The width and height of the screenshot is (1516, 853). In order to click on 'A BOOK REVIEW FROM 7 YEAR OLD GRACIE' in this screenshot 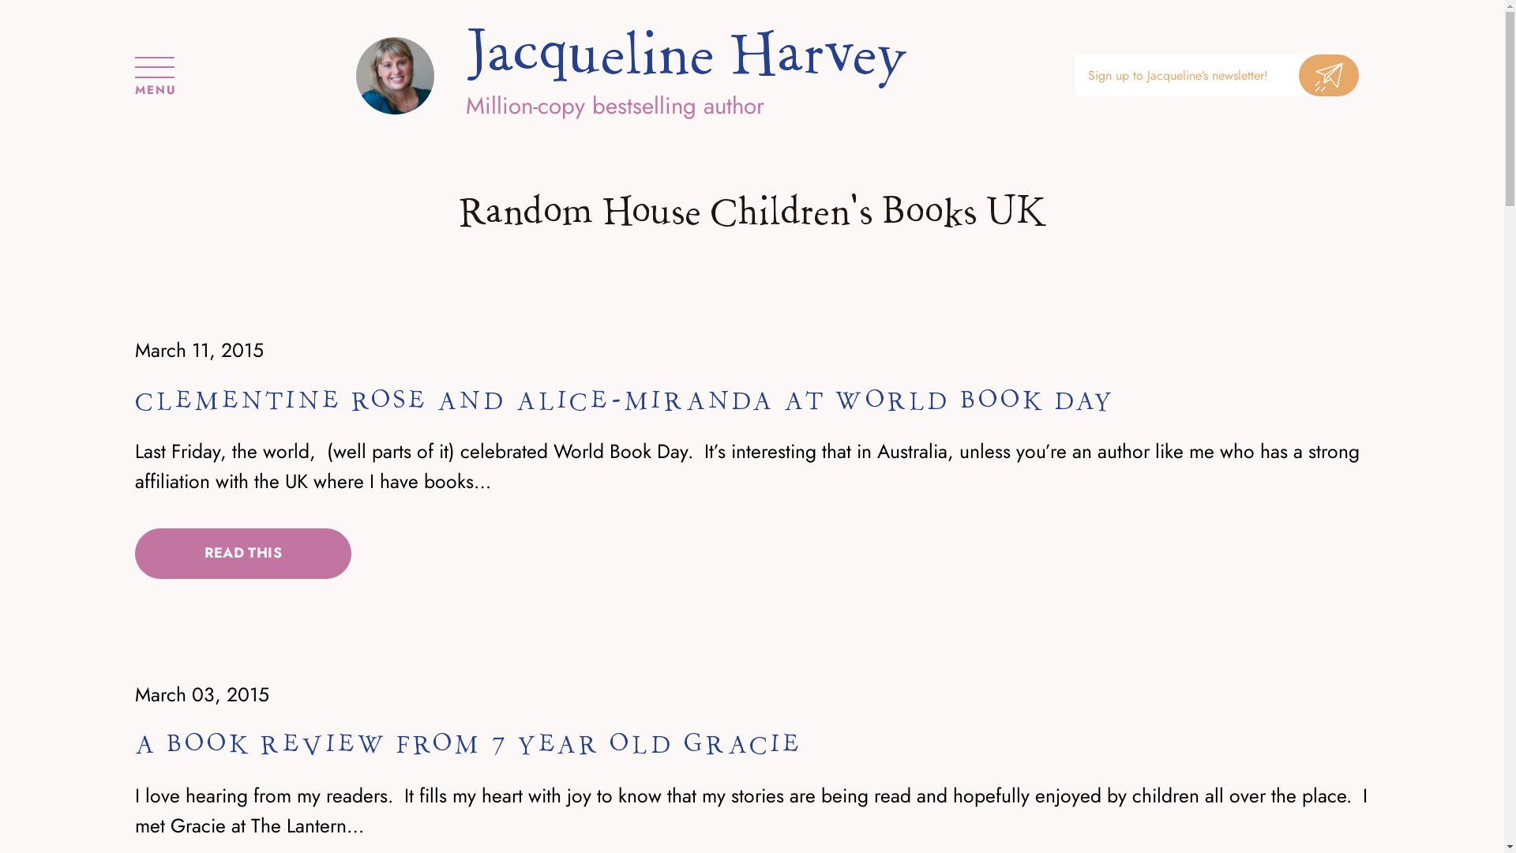, I will do `click(468, 744)`.